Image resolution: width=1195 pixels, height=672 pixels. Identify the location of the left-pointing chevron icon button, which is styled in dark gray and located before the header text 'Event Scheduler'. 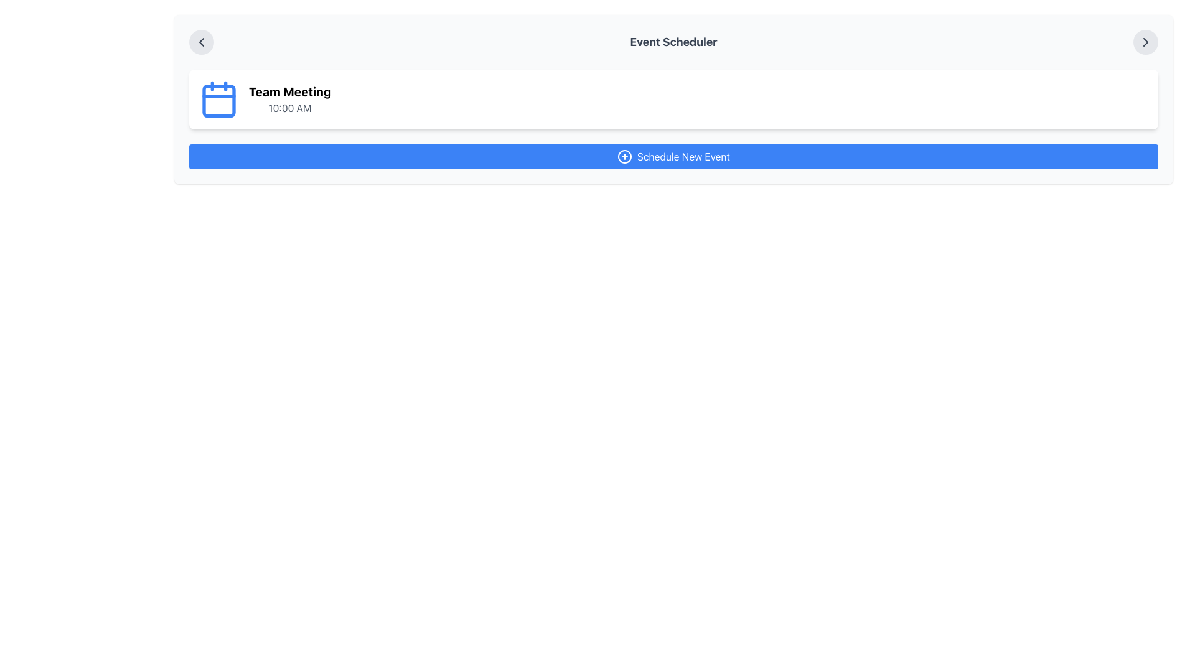
(202, 42).